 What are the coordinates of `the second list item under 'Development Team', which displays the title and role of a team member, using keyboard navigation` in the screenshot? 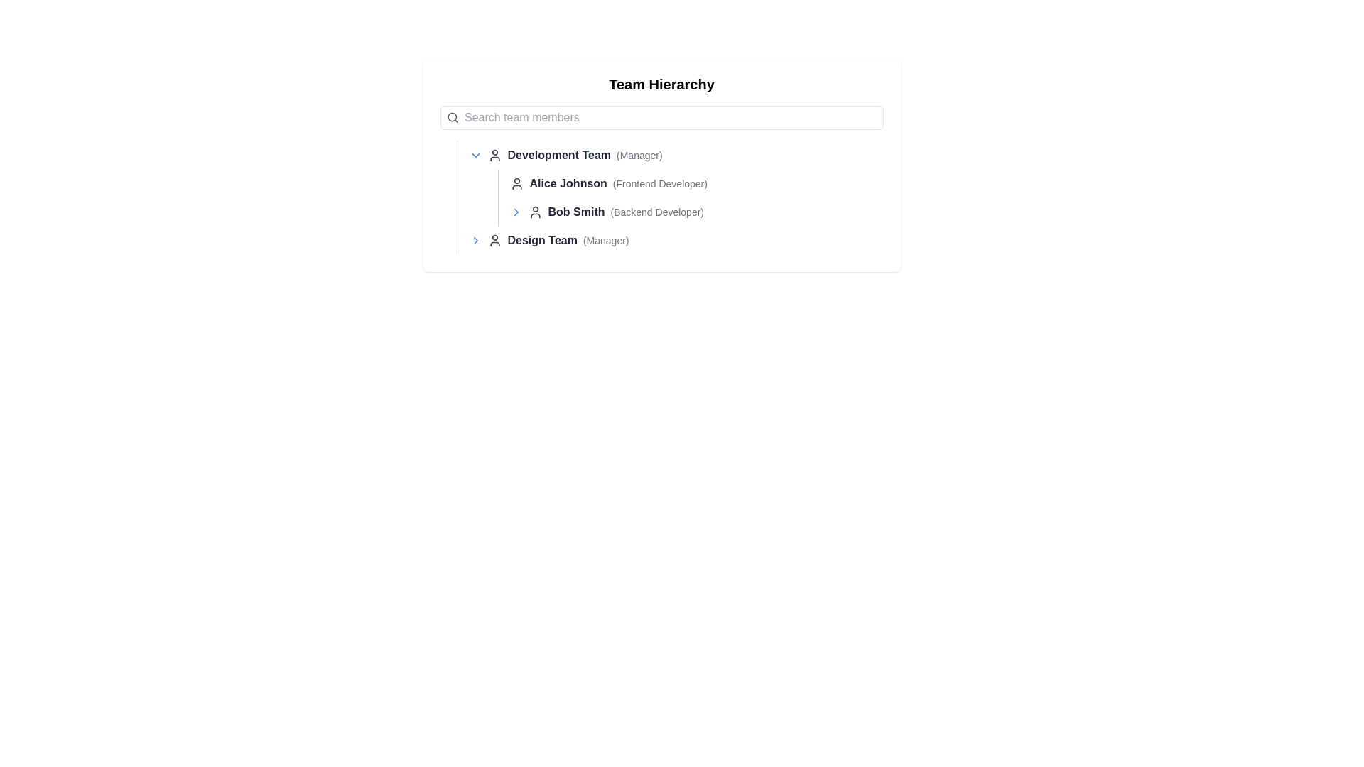 It's located at (669, 197).